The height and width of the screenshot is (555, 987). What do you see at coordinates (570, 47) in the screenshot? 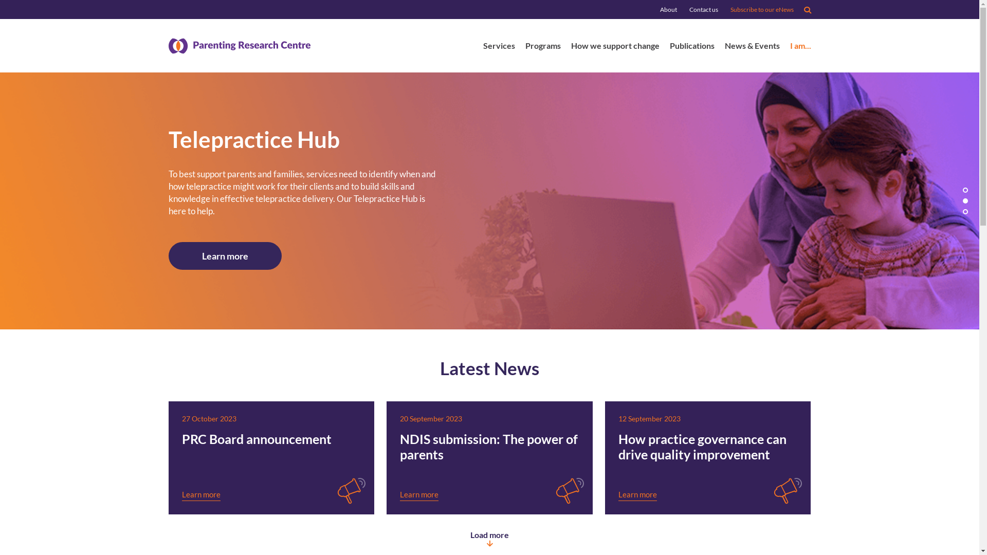
I see `'How we support change'` at bounding box center [570, 47].